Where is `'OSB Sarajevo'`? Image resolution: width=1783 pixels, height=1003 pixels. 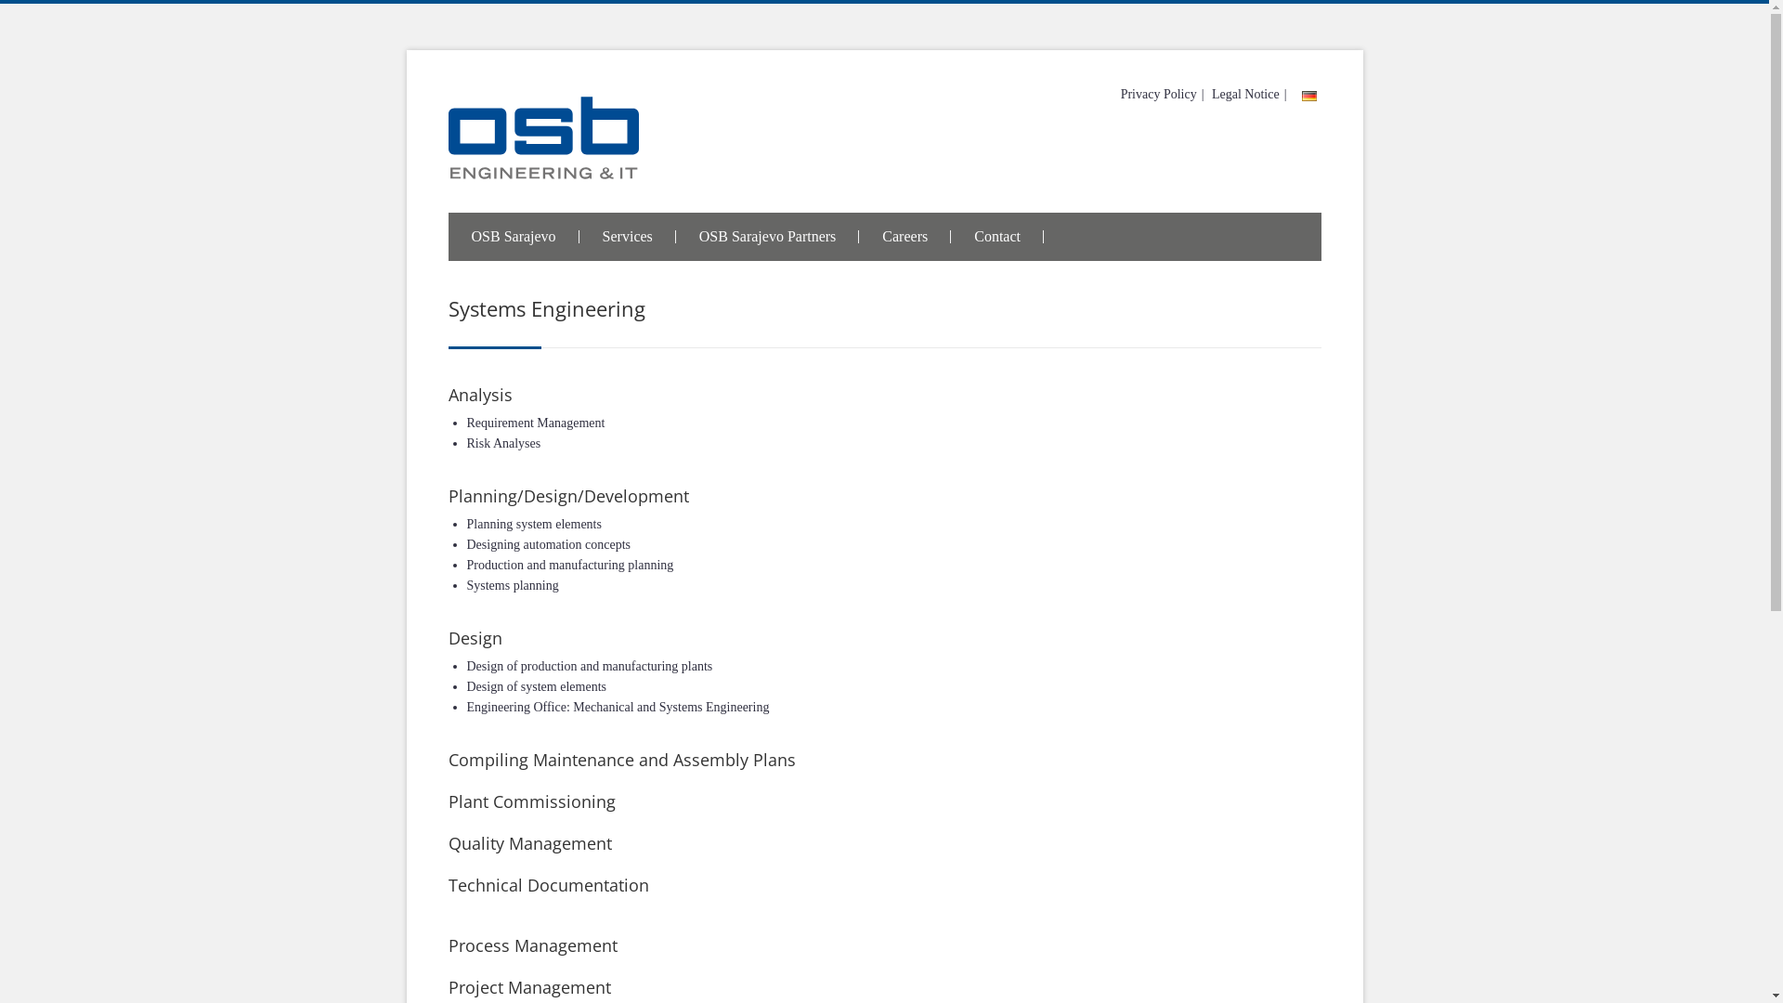
'OSB Sarajevo' is located at coordinates (513, 235).